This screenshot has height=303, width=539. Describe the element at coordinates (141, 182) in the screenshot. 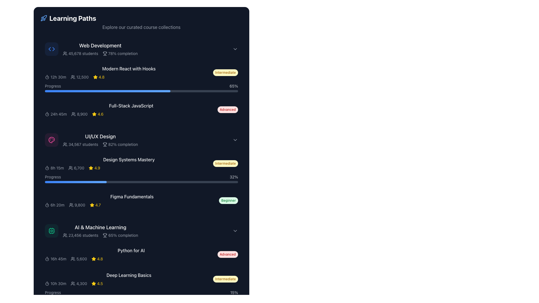

I see `the progress bar indicating 32% completion of the course 'Design Systems Mastery' located under the 'Progress' label` at that location.